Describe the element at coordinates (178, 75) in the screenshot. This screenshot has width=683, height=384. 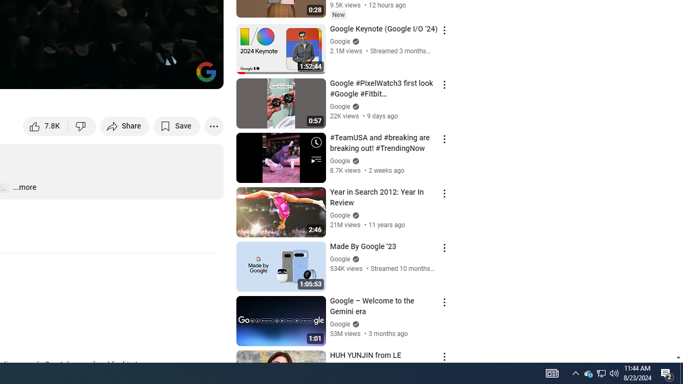
I see `'Theater mode (t)'` at that location.